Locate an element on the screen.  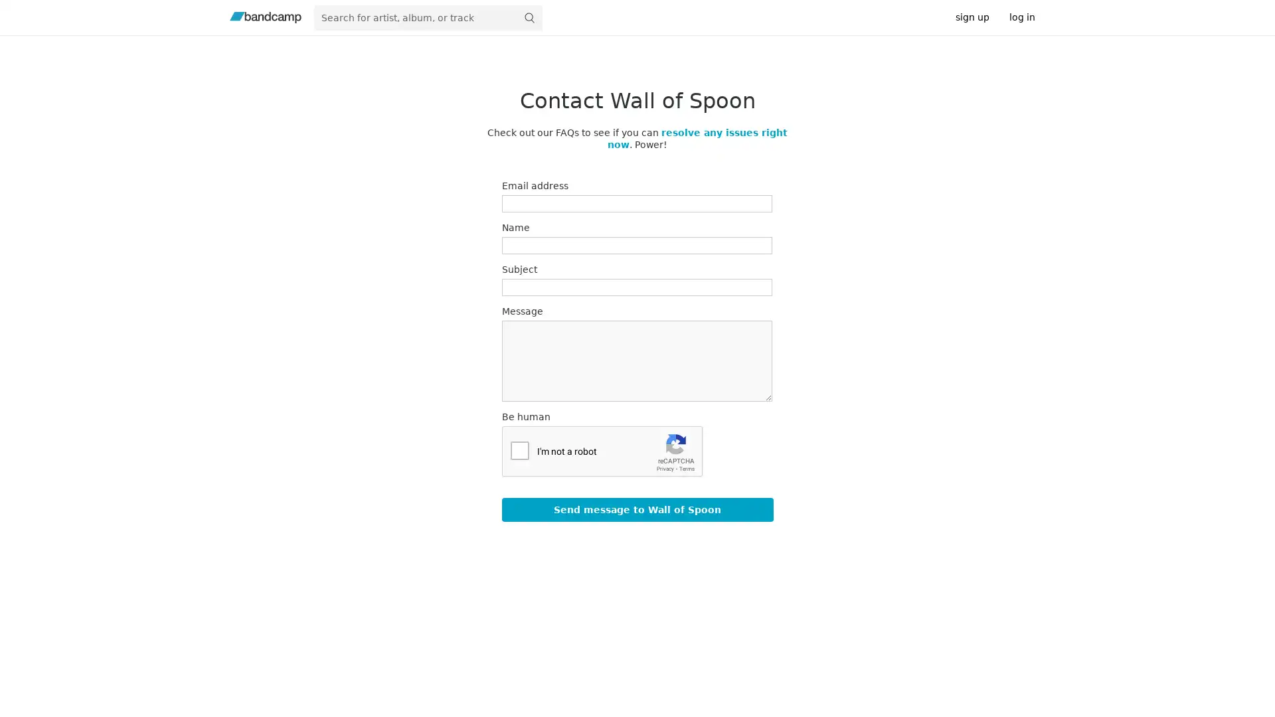
submit for full search page is located at coordinates (528, 17).